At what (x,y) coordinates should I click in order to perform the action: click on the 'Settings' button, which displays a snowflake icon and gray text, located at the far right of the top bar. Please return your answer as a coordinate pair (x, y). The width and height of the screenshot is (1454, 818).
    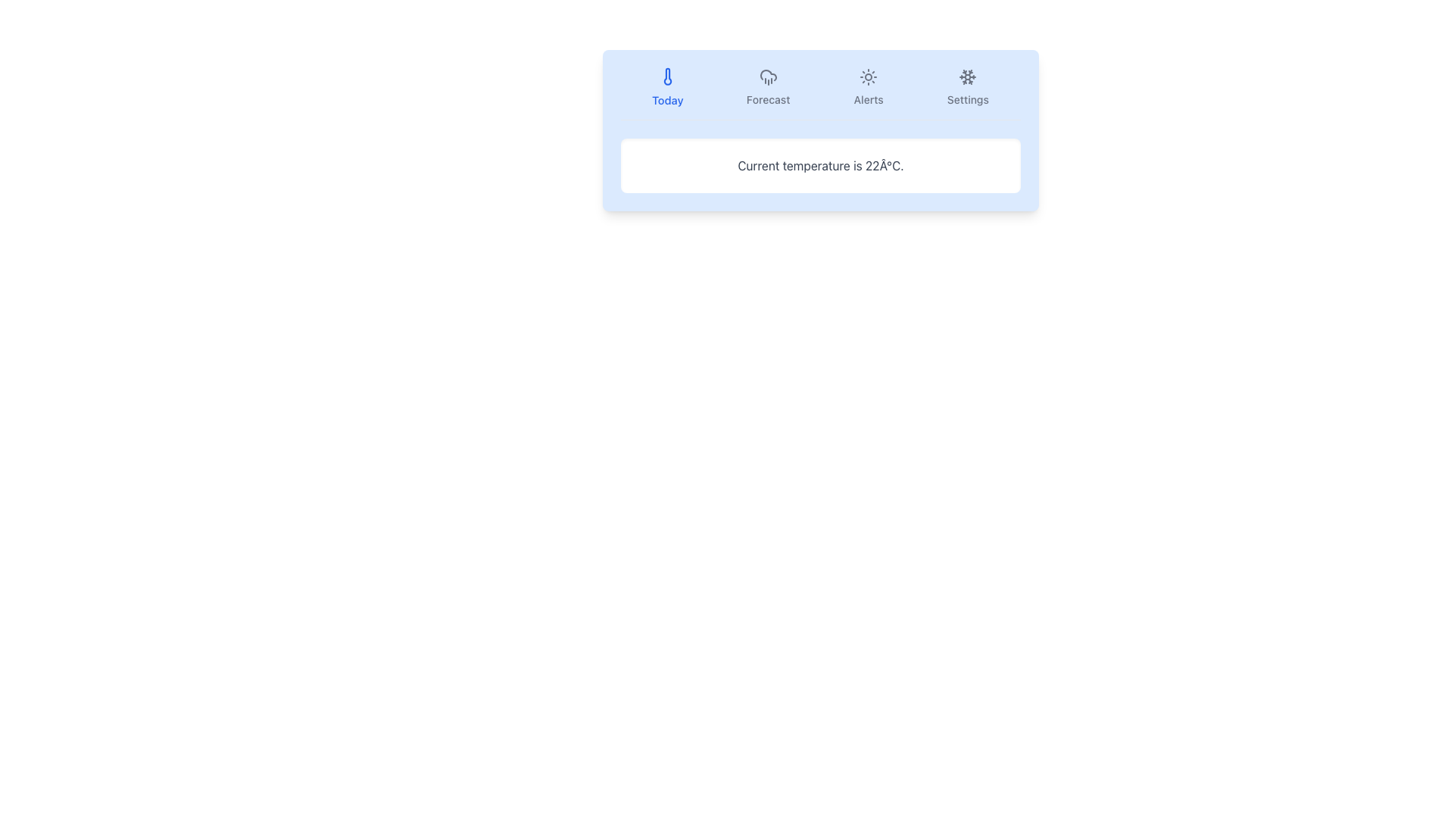
    Looking at the image, I should click on (967, 87).